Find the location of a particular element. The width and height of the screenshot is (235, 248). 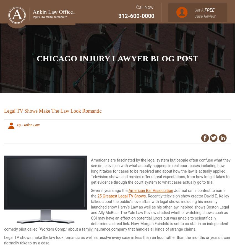

'By - Ankin Law' is located at coordinates (28, 125).